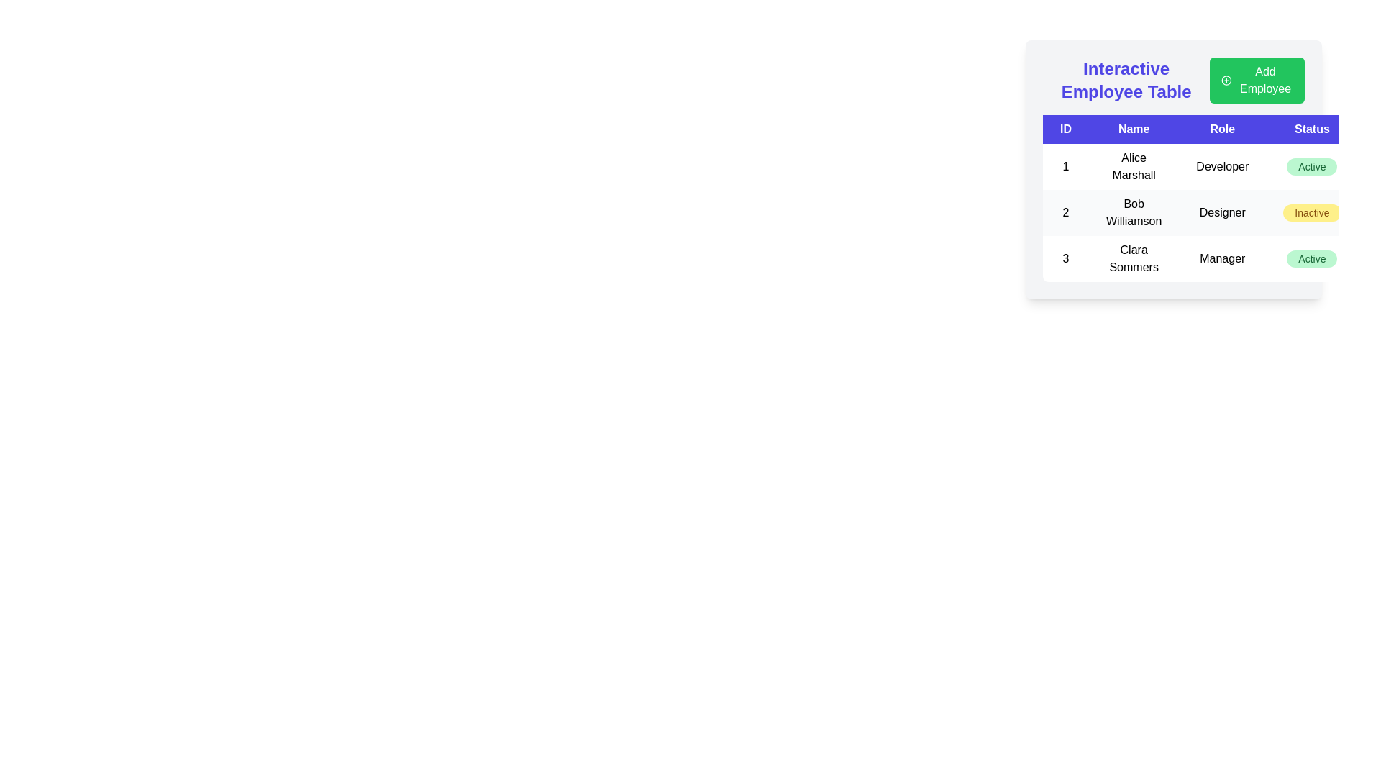 This screenshot has width=1381, height=777. I want to click on the 'Add Employee' icon located at the top-right corner of the interface, positioned to the left of the 'Add Employee' text on the green button, so click(1226, 80).